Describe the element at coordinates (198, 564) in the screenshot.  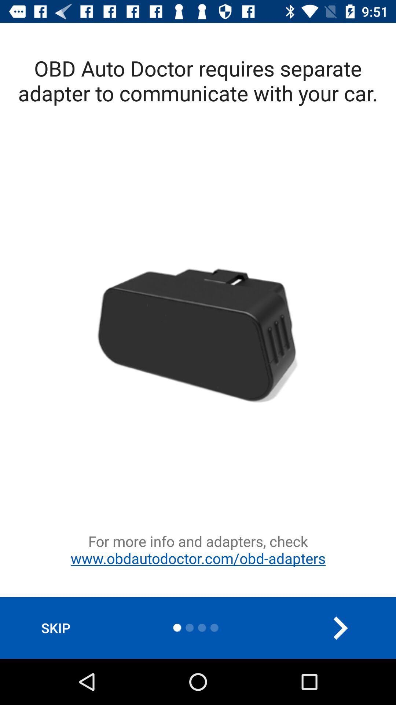
I see `for more info` at that location.